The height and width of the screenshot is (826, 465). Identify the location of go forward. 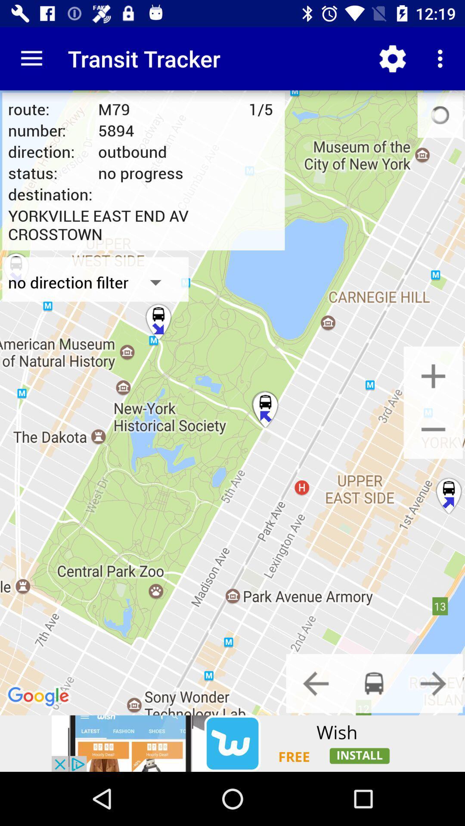
(433, 683).